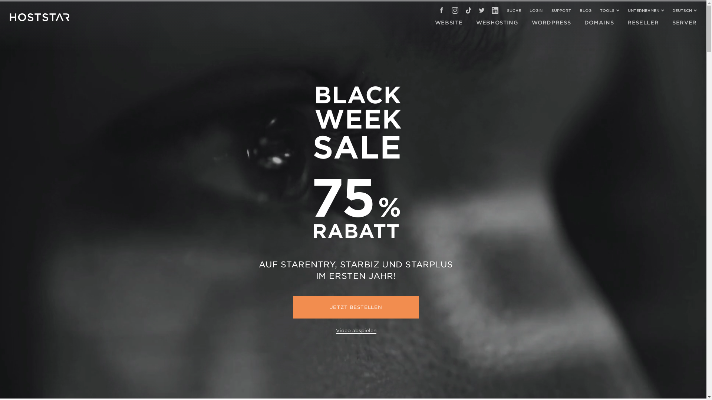  What do you see at coordinates (514, 10) in the screenshot?
I see `'SUCHE'` at bounding box center [514, 10].